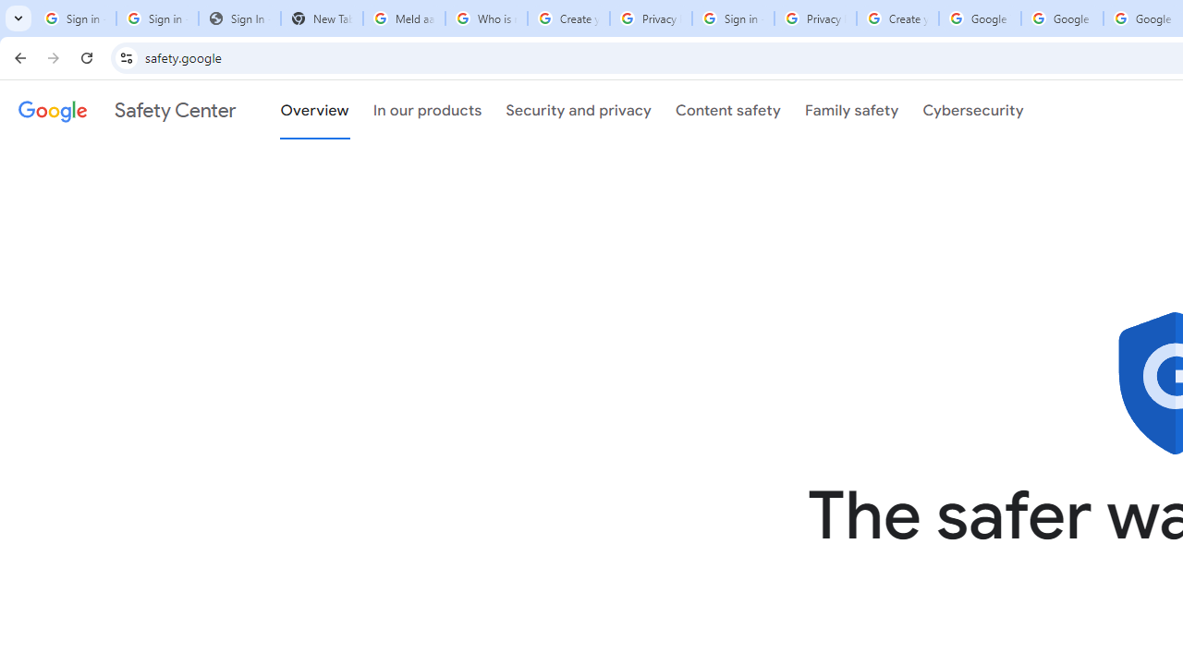  Describe the element at coordinates (126, 110) in the screenshot. I see `'Safety Center'` at that location.